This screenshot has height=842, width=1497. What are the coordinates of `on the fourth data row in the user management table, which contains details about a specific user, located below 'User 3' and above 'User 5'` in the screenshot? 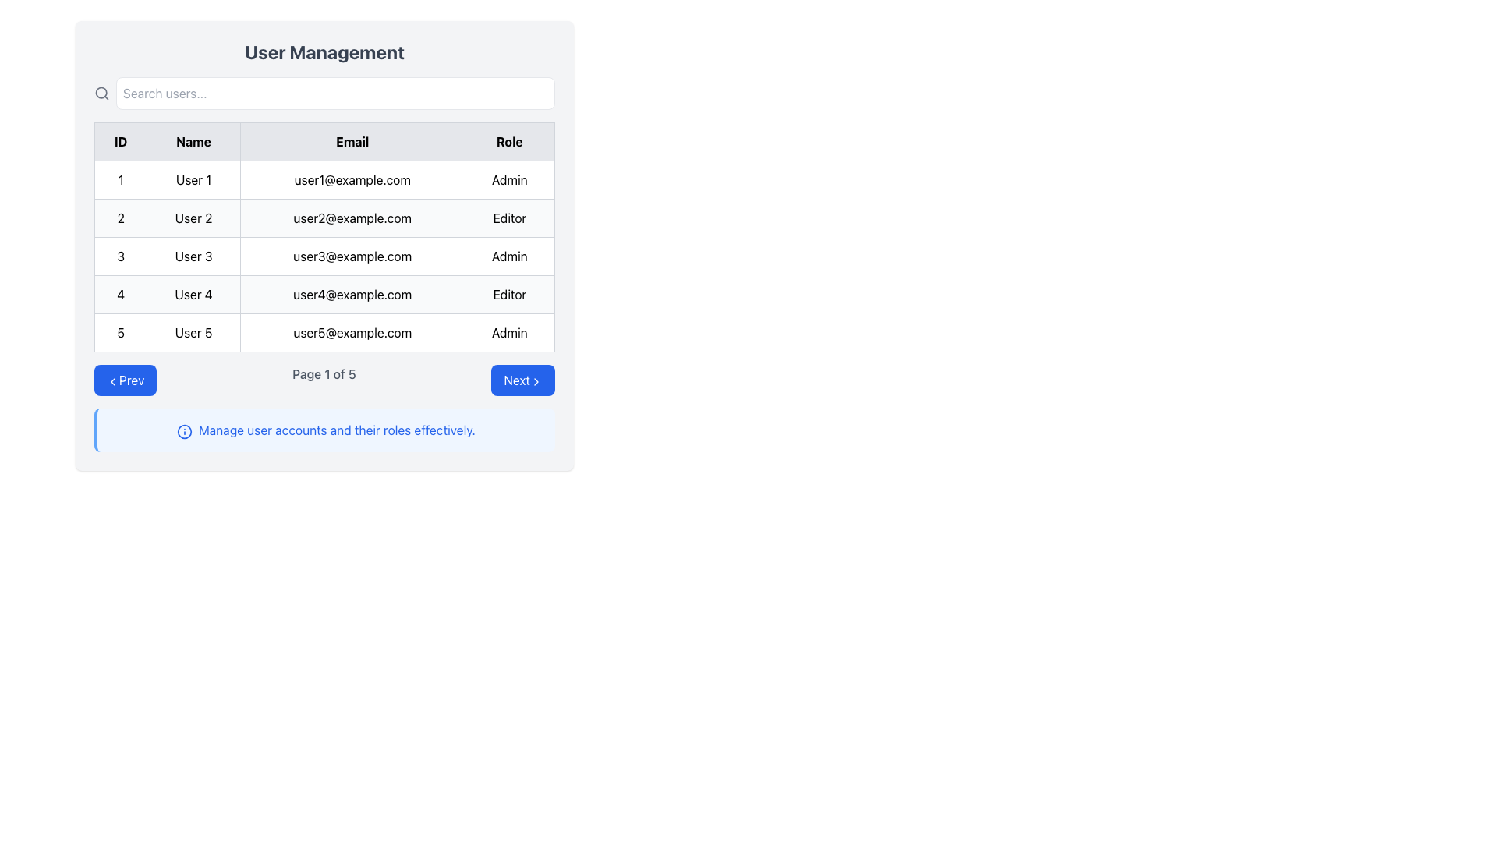 It's located at (324, 295).